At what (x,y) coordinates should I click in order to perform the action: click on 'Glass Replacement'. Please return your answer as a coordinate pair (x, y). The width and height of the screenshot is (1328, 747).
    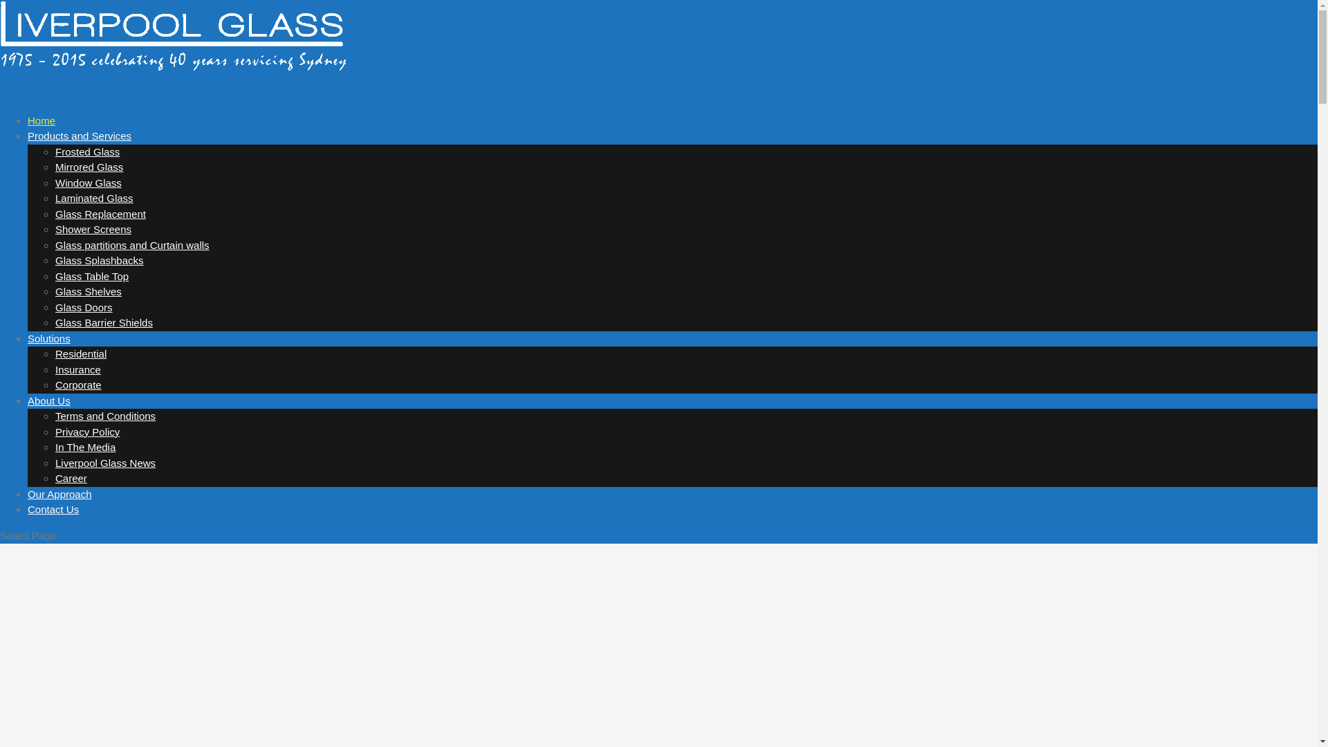
    Looking at the image, I should click on (100, 213).